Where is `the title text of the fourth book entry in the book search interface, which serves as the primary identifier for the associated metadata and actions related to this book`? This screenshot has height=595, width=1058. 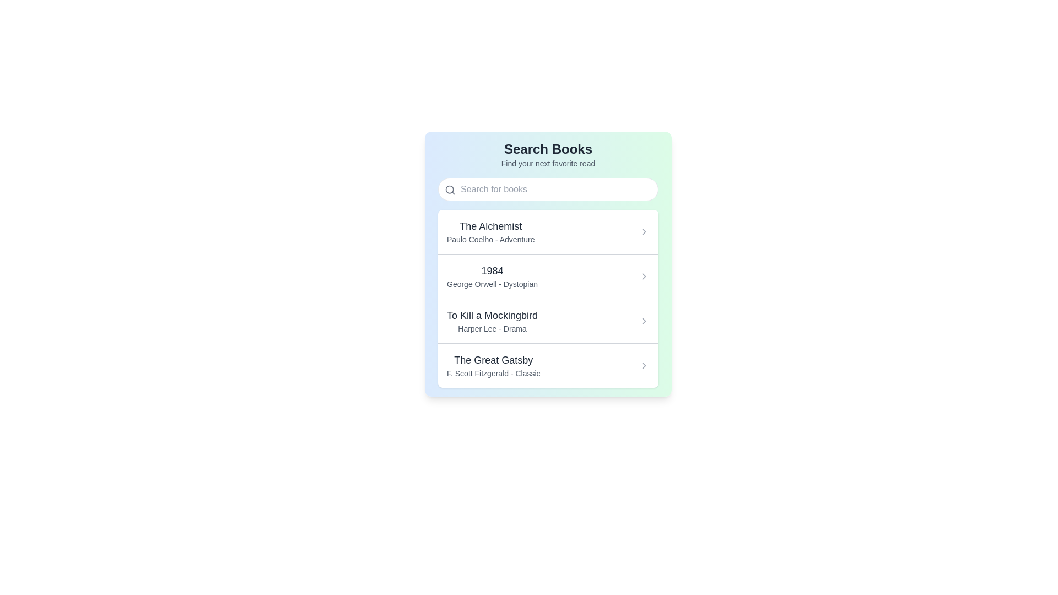
the title text of the fourth book entry in the book search interface, which serves as the primary identifier for the associated metadata and actions related to this book is located at coordinates (493, 360).